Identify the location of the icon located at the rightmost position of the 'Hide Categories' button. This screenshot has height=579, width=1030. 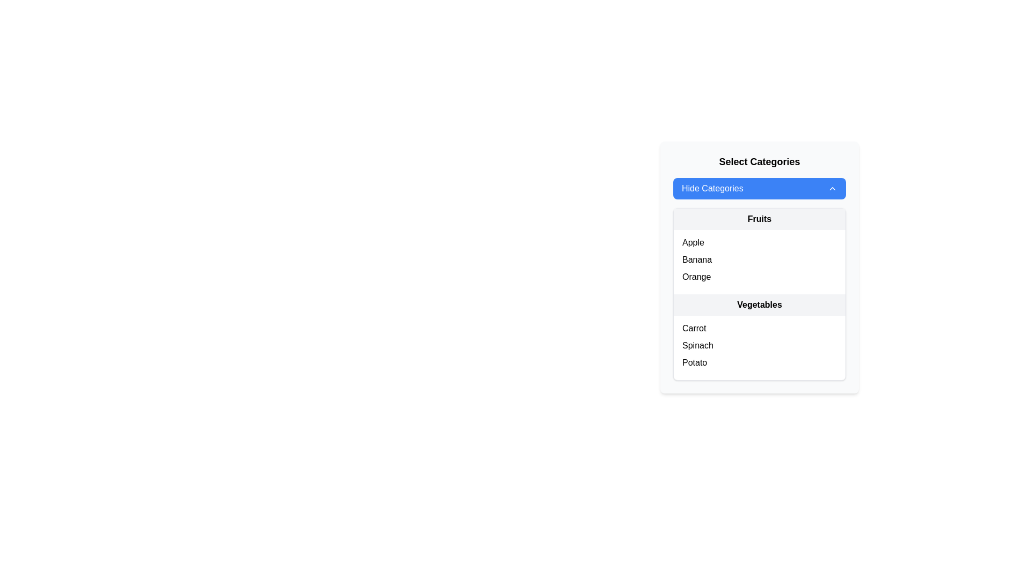
(832, 188).